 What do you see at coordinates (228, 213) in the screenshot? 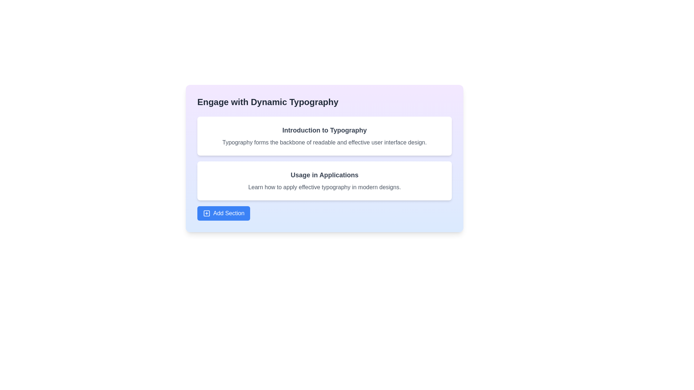
I see `the 'Add Section' text label which is styled with white text on a blue background and located at the lower-center of the interface, directly below the primary content sections` at bounding box center [228, 213].